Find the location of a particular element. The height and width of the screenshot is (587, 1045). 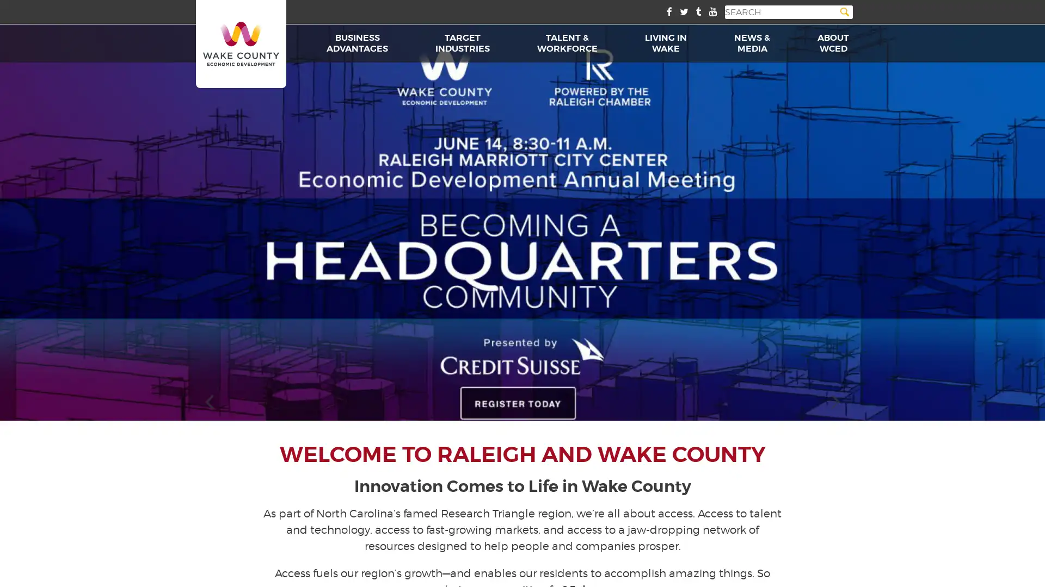

Search is located at coordinates (844, 12).